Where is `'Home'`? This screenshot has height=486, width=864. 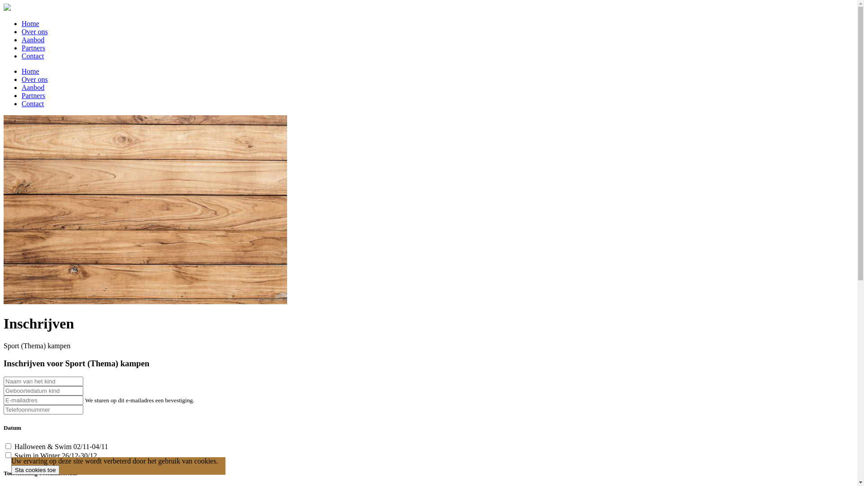 'Home' is located at coordinates (30, 71).